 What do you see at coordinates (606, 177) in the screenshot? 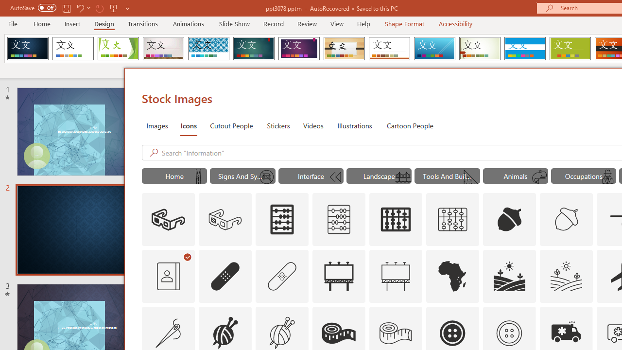
I see `'AutomationID: Icons_DetectiveMale_M'` at bounding box center [606, 177].